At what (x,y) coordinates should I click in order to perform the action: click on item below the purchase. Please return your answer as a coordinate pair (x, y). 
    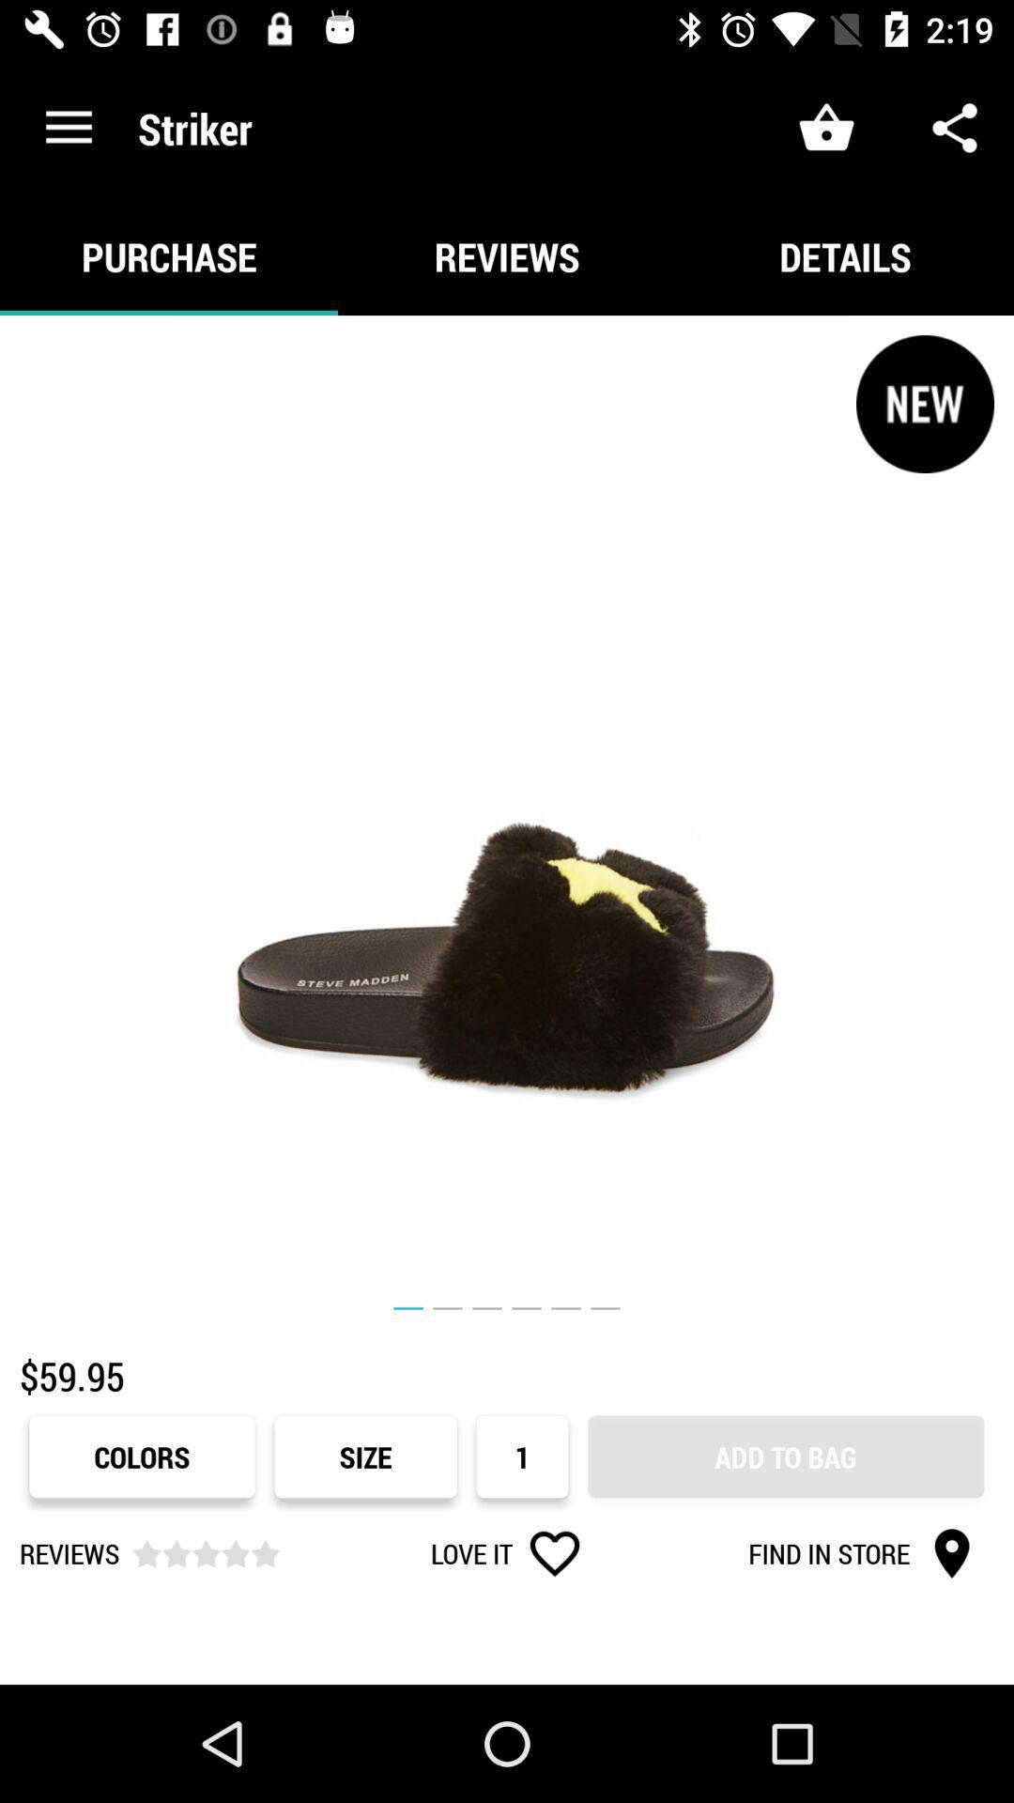
    Looking at the image, I should click on (507, 823).